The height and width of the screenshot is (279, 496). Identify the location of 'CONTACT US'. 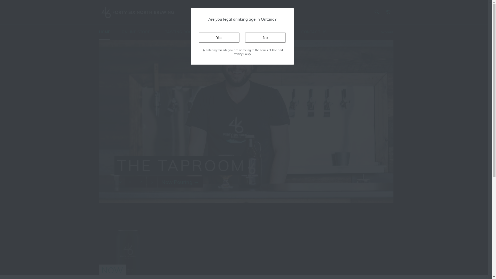
(314, 32).